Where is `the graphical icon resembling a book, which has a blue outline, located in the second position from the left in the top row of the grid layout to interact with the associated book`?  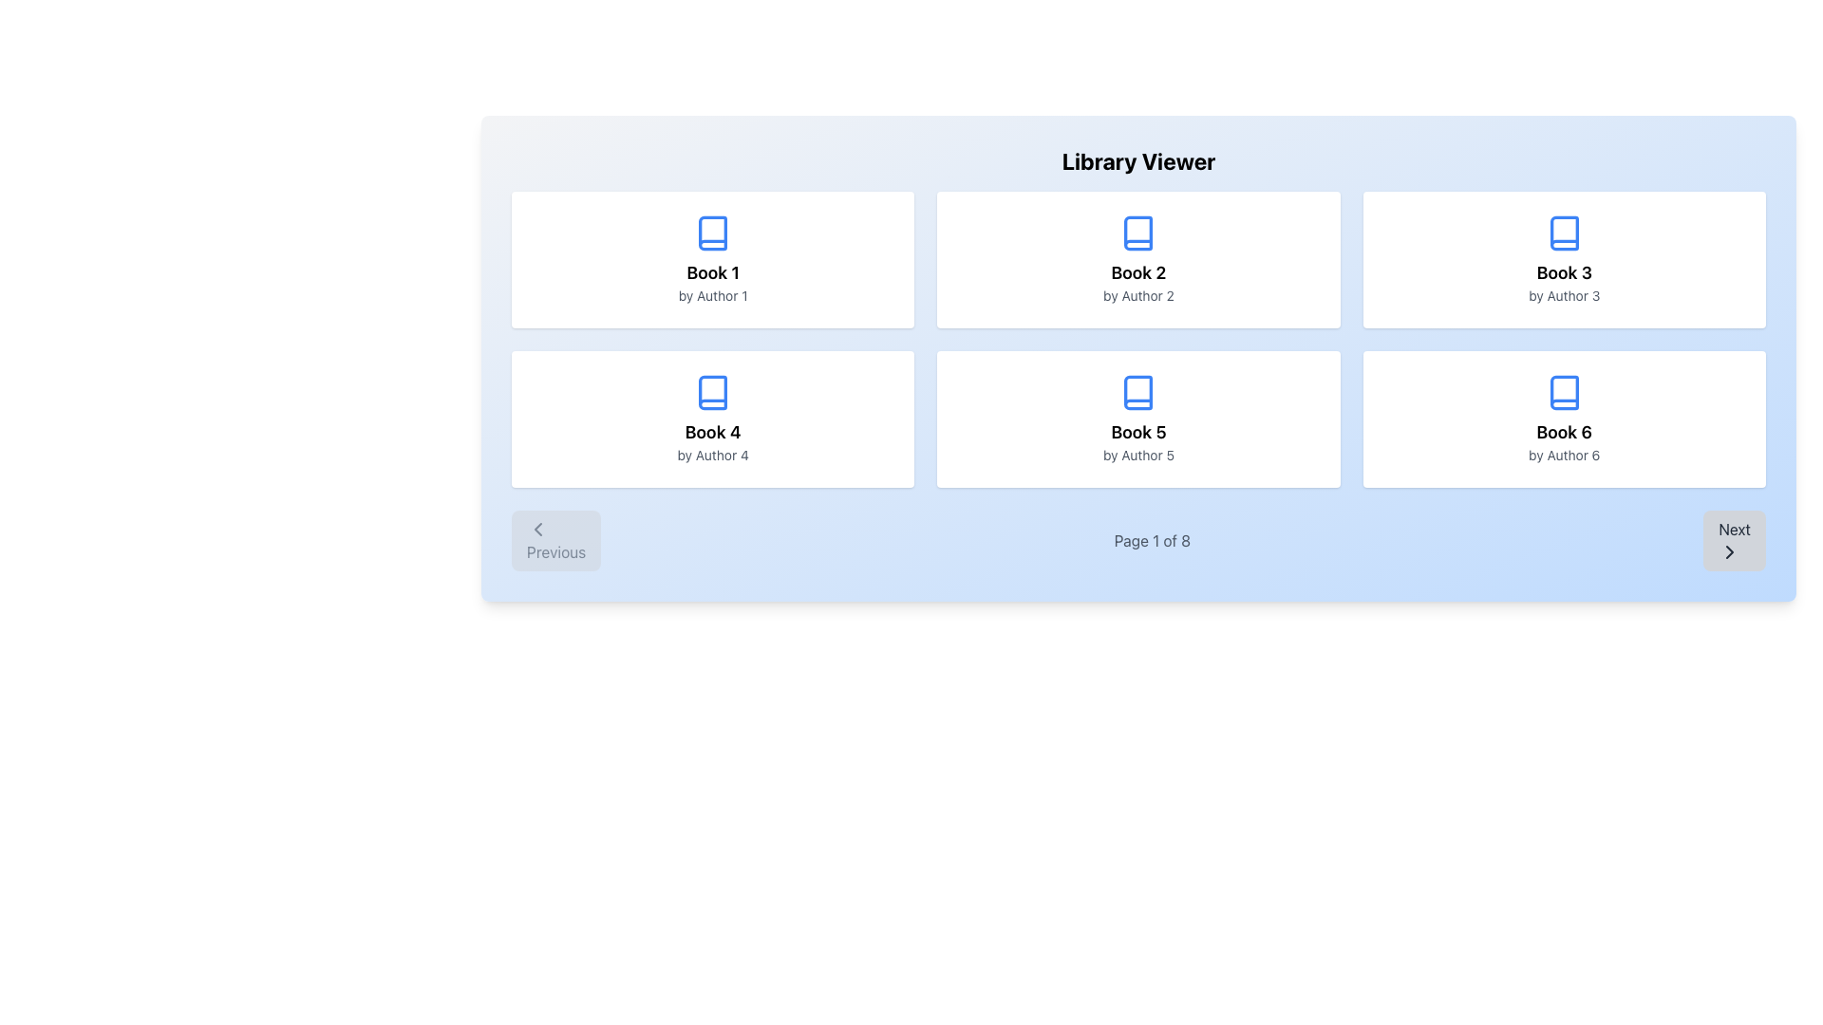 the graphical icon resembling a book, which has a blue outline, located in the second position from the left in the top row of the grid layout to interact with the associated book is located at coordinates (1138, 233).